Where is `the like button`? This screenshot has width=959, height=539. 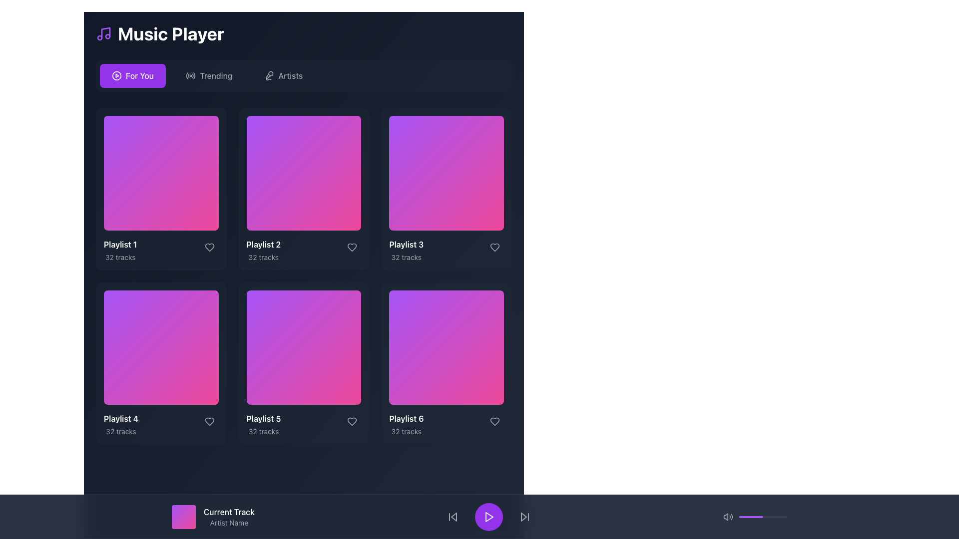
the like button is located at coordinates (209, 422).